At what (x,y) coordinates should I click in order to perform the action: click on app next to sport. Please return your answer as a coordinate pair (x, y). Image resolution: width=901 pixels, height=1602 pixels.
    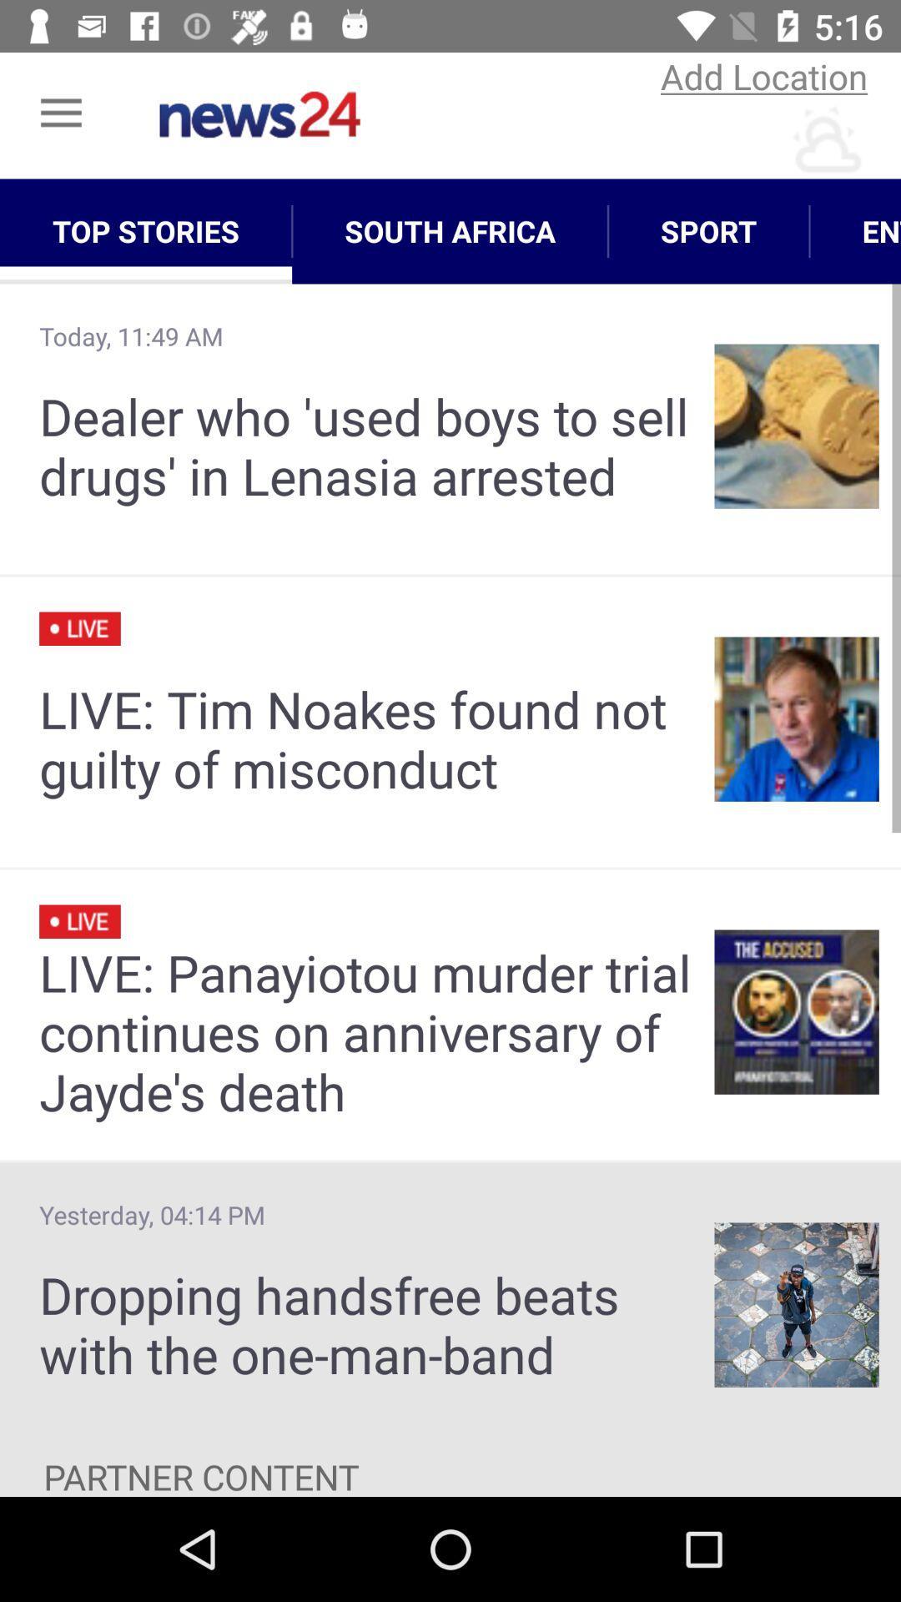
    Looking at the image, I should click on (449, 230).